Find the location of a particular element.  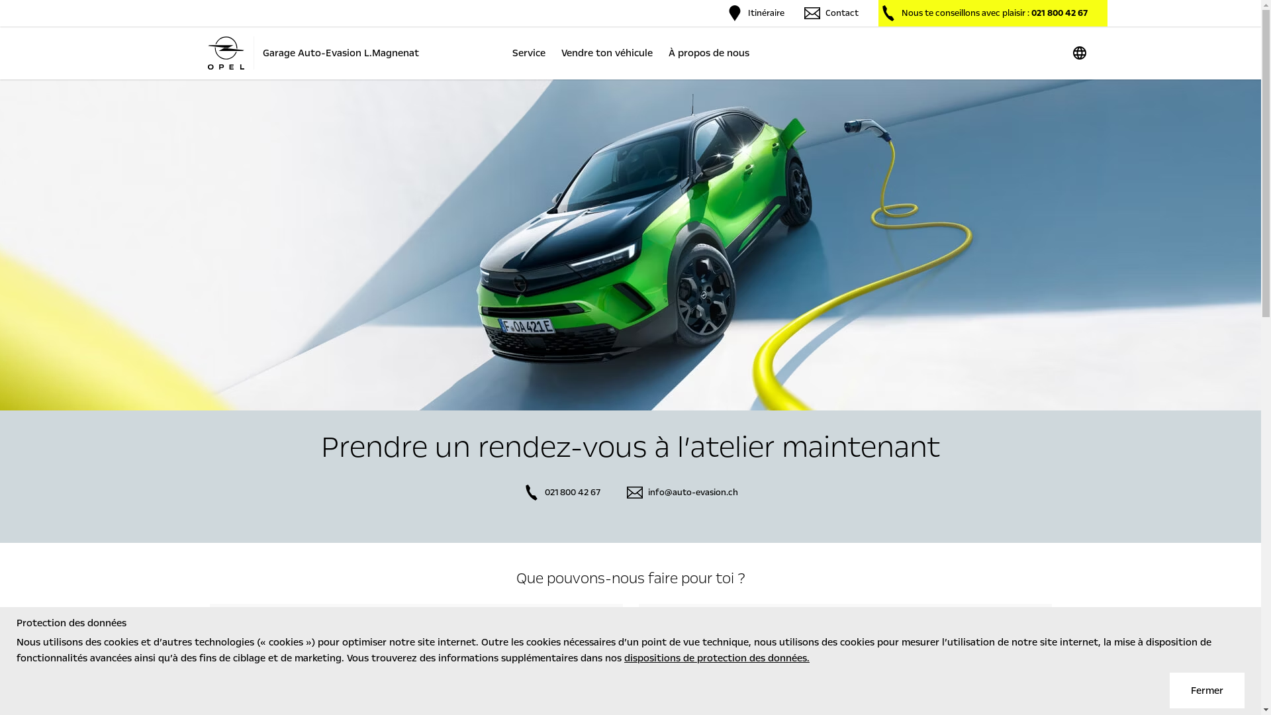

'Service' is located at coordinates (506, 52).